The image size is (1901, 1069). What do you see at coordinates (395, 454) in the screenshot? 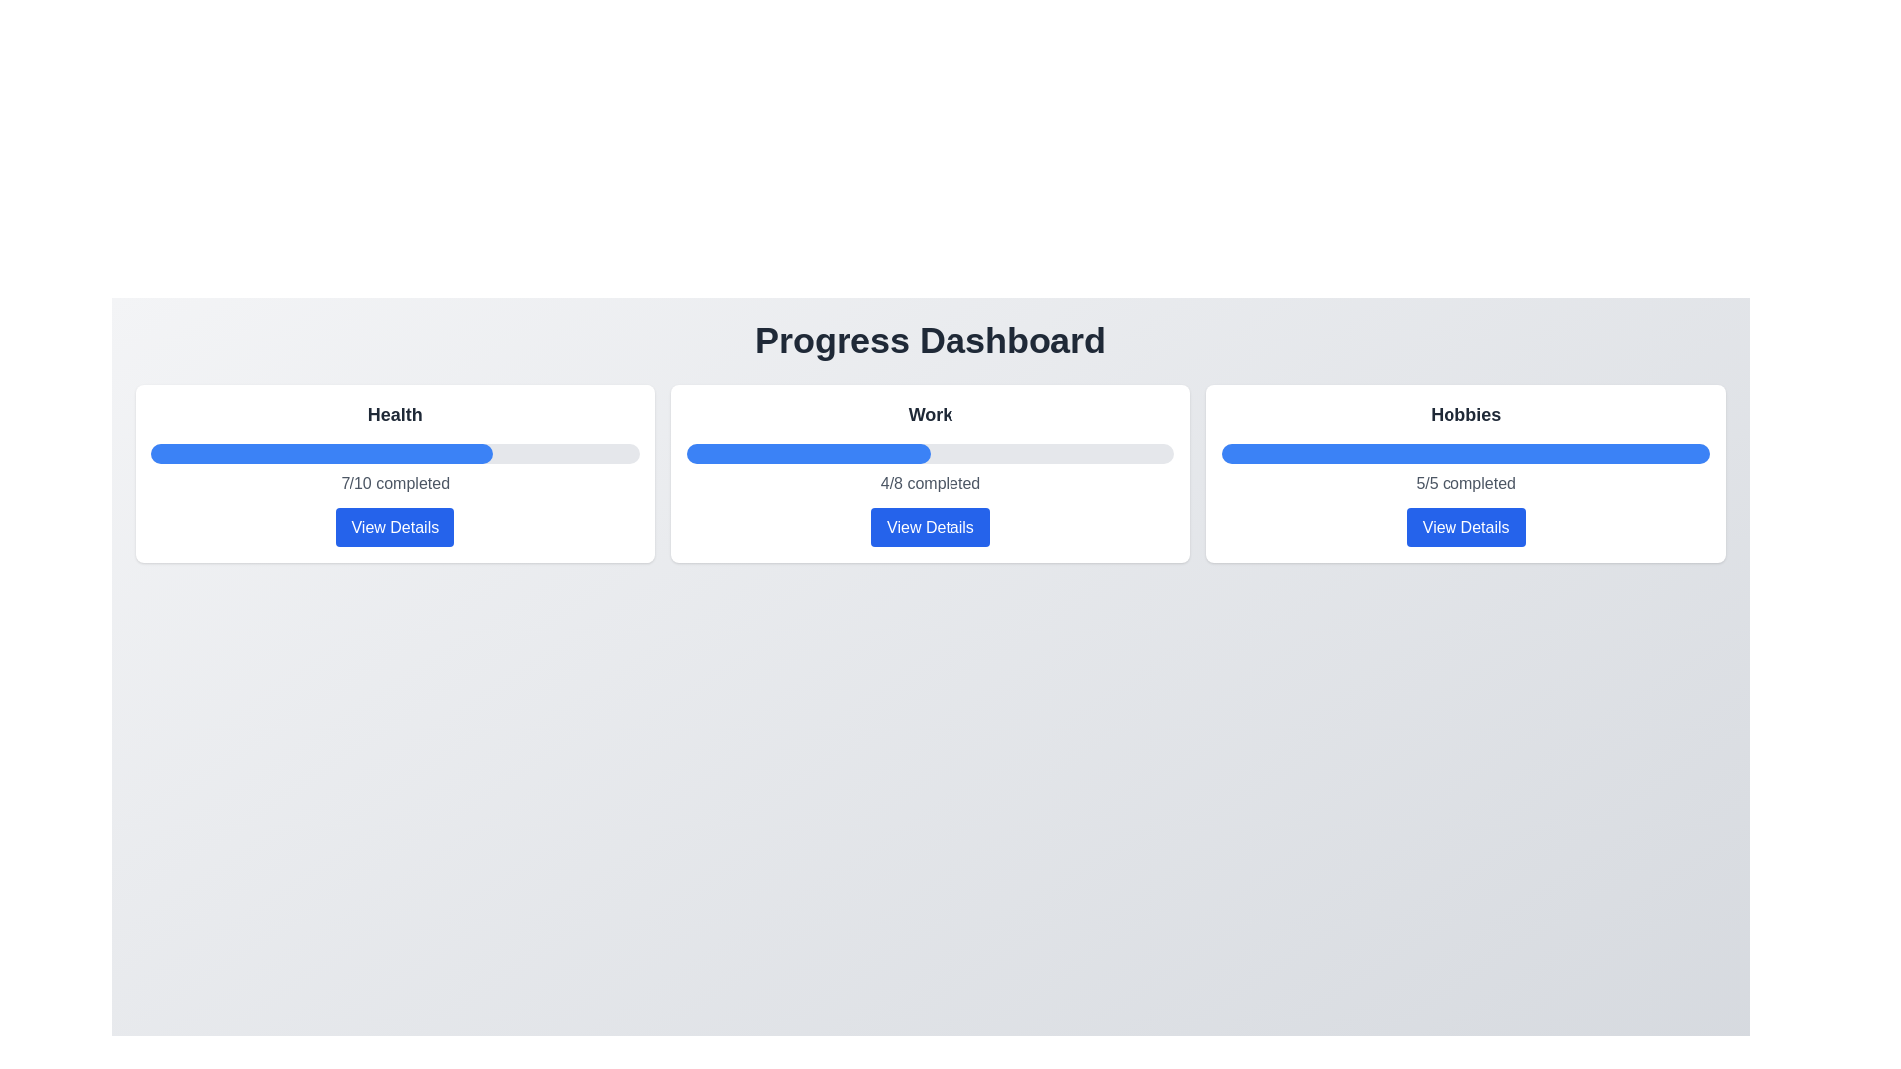
I see `the progress bar indicating 70% completion of the 'Health' task, located within the 'Health' card` at bounding box center [395, 454].